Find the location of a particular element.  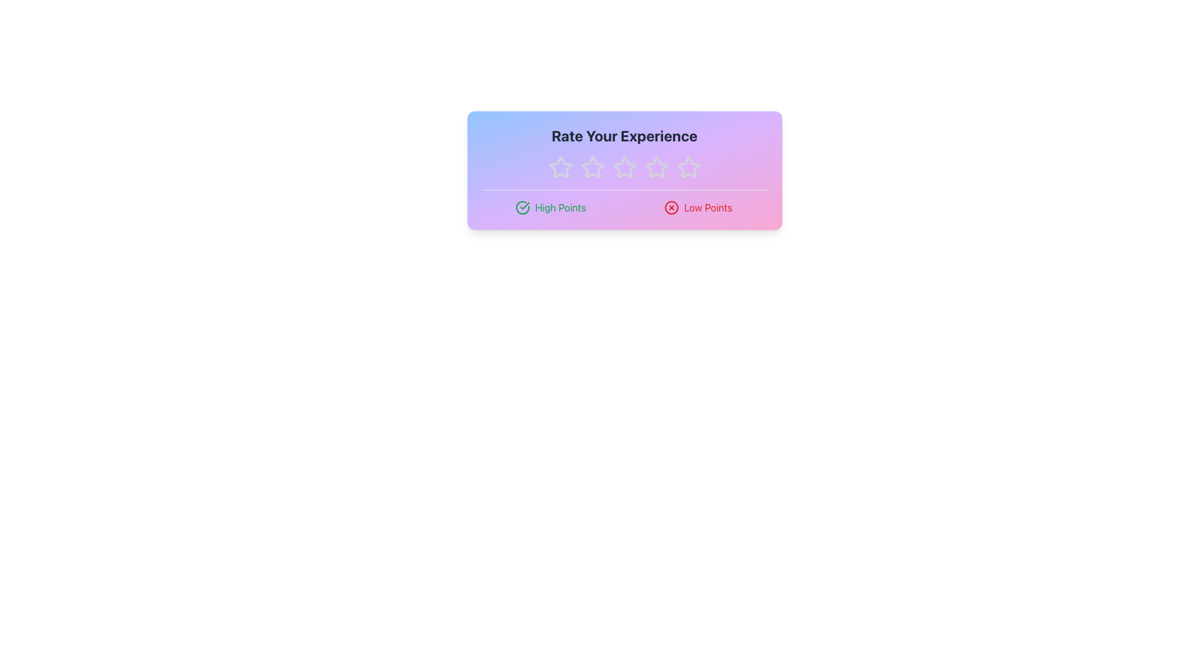

the 'Low Points' label styled in red with an accompanying red circular icon containing an 'X', located on the right side of a horizontal layout below a row of star icons is located at coordinates (698, 207).